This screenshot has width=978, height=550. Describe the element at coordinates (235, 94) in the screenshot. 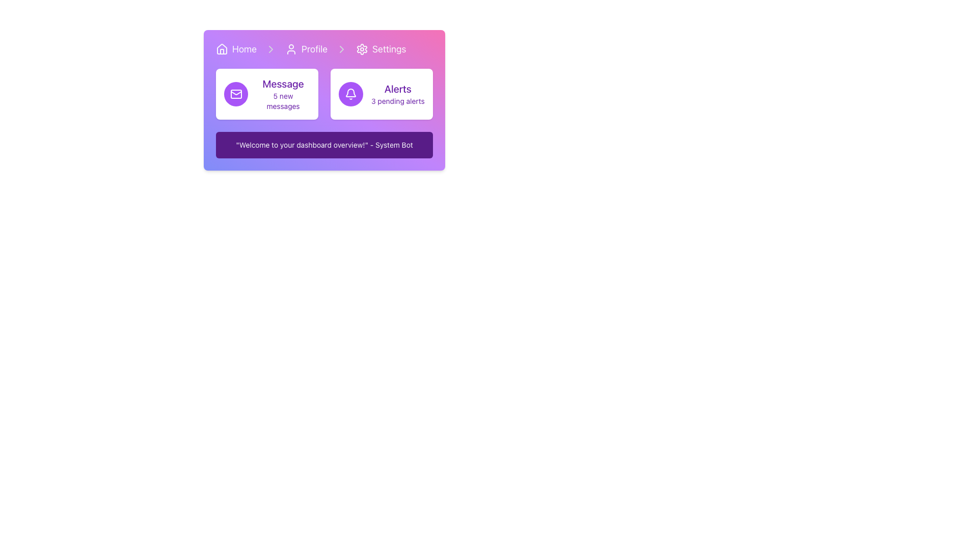

I see `the rectangular icon element with rounded edges, styled in a solid color, located above the text 'Message 5 new messages' within the mail envelope icon group` at that location.